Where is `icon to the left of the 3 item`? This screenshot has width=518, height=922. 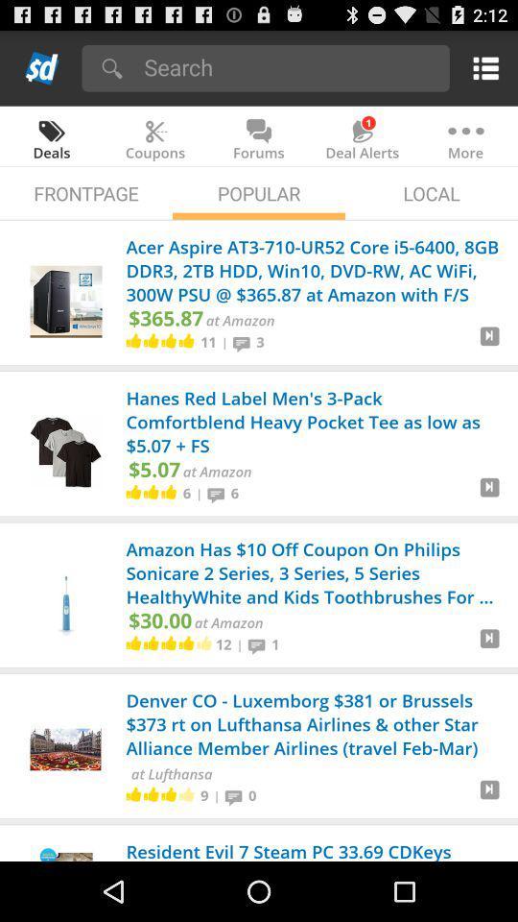 icon to the left of the 3 item is located at coordinates (245, 342).